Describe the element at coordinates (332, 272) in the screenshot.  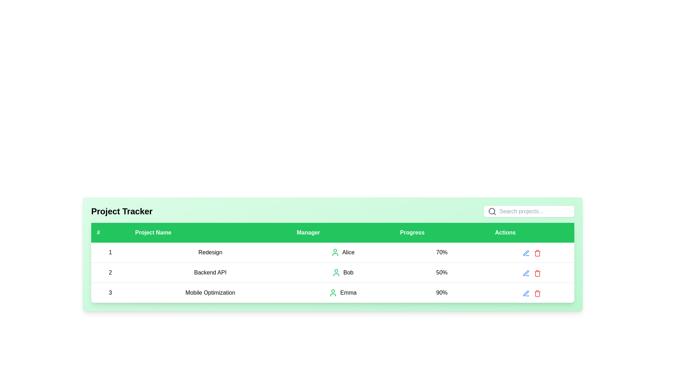
I see `the second row of the project tracking table, which displays the project name 'Backend API', manager 'Bob', and progress '50%'` at that location.